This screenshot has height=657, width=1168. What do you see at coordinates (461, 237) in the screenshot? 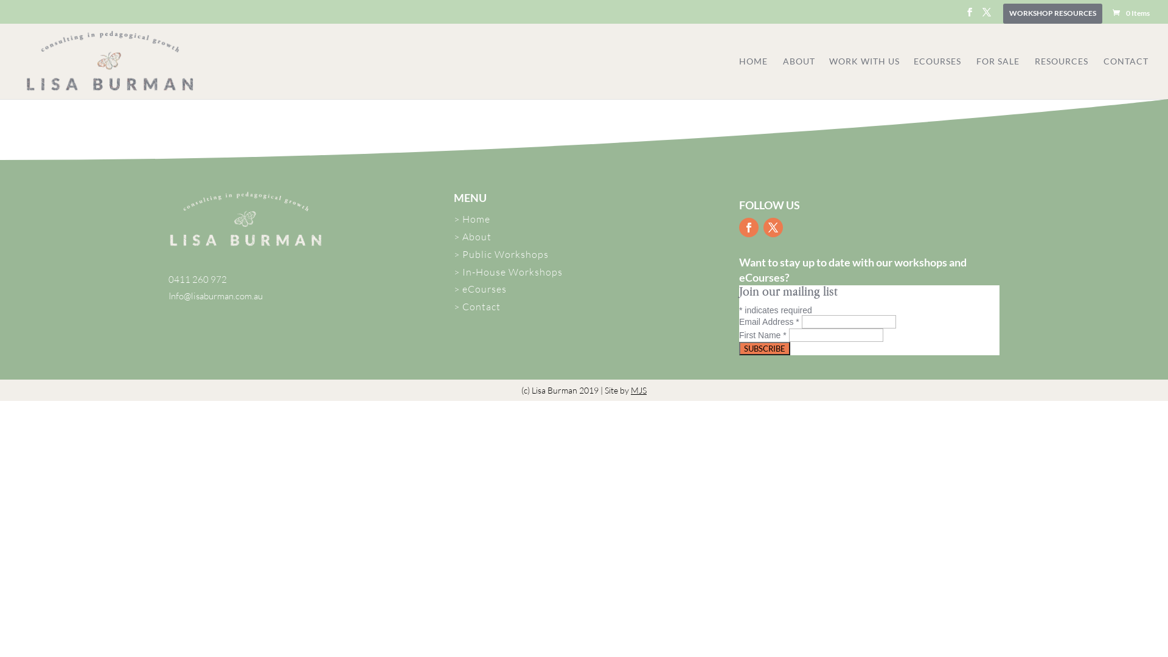
I see `'About'` at bounding box center [461, 237].